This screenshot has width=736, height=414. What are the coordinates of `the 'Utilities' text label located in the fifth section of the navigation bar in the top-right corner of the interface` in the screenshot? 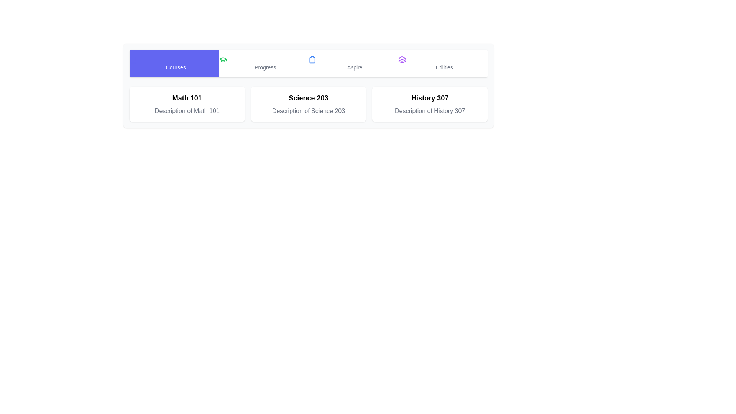 It's located at (444, 67).